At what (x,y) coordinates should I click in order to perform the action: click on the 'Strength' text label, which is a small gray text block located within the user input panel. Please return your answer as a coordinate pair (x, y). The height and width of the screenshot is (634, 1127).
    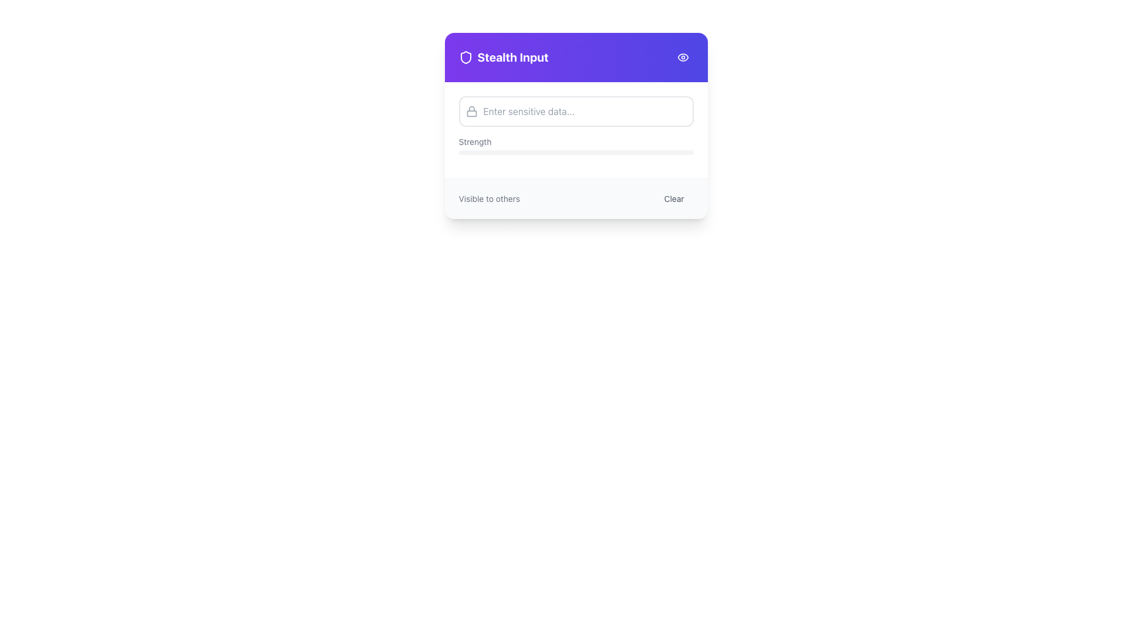
    Looking at the image, I should click on (475, 141).